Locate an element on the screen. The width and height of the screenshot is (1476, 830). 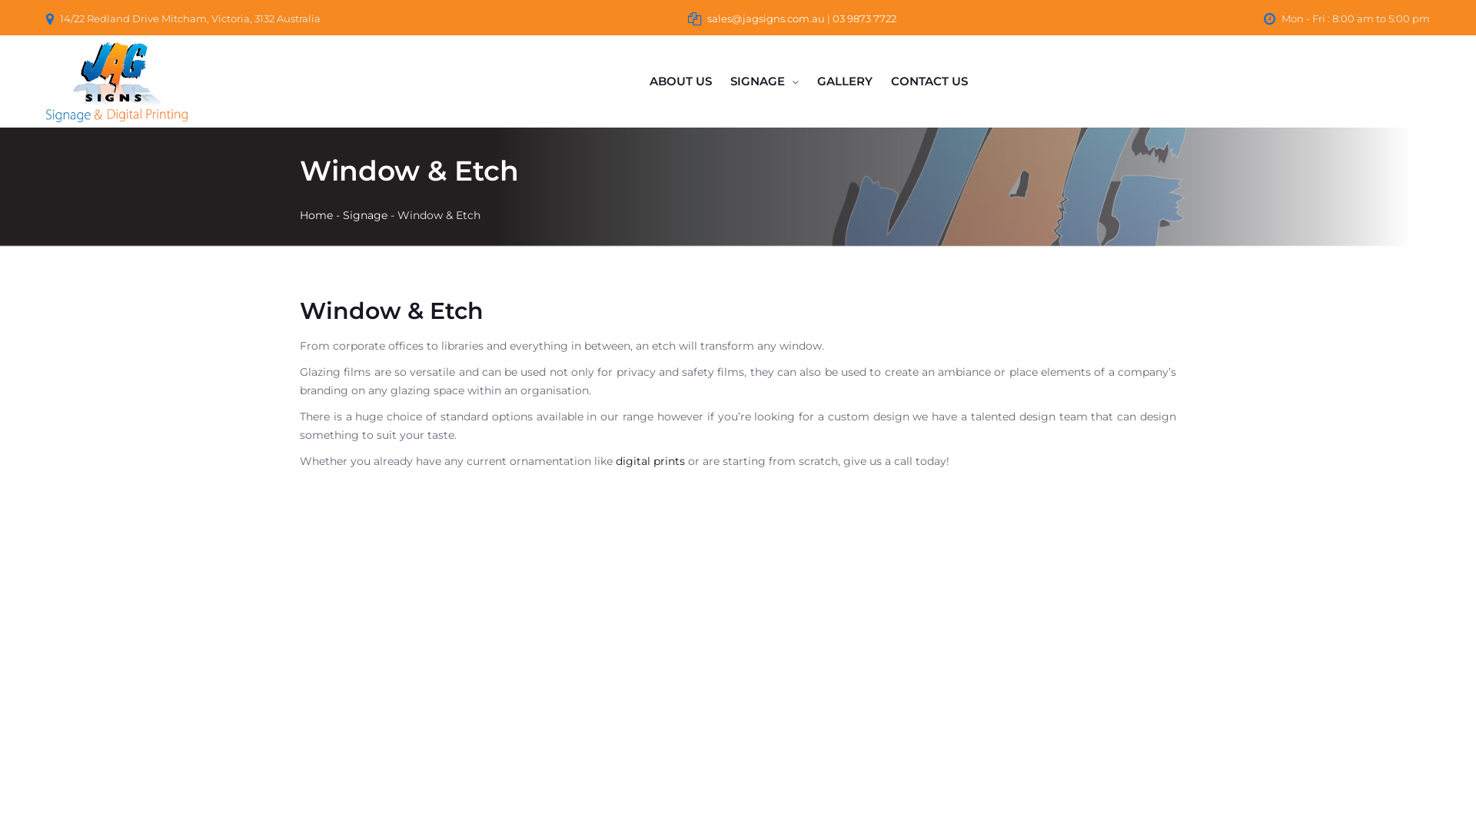
'sskb shop front signs' is located at coordinates (299, 631).